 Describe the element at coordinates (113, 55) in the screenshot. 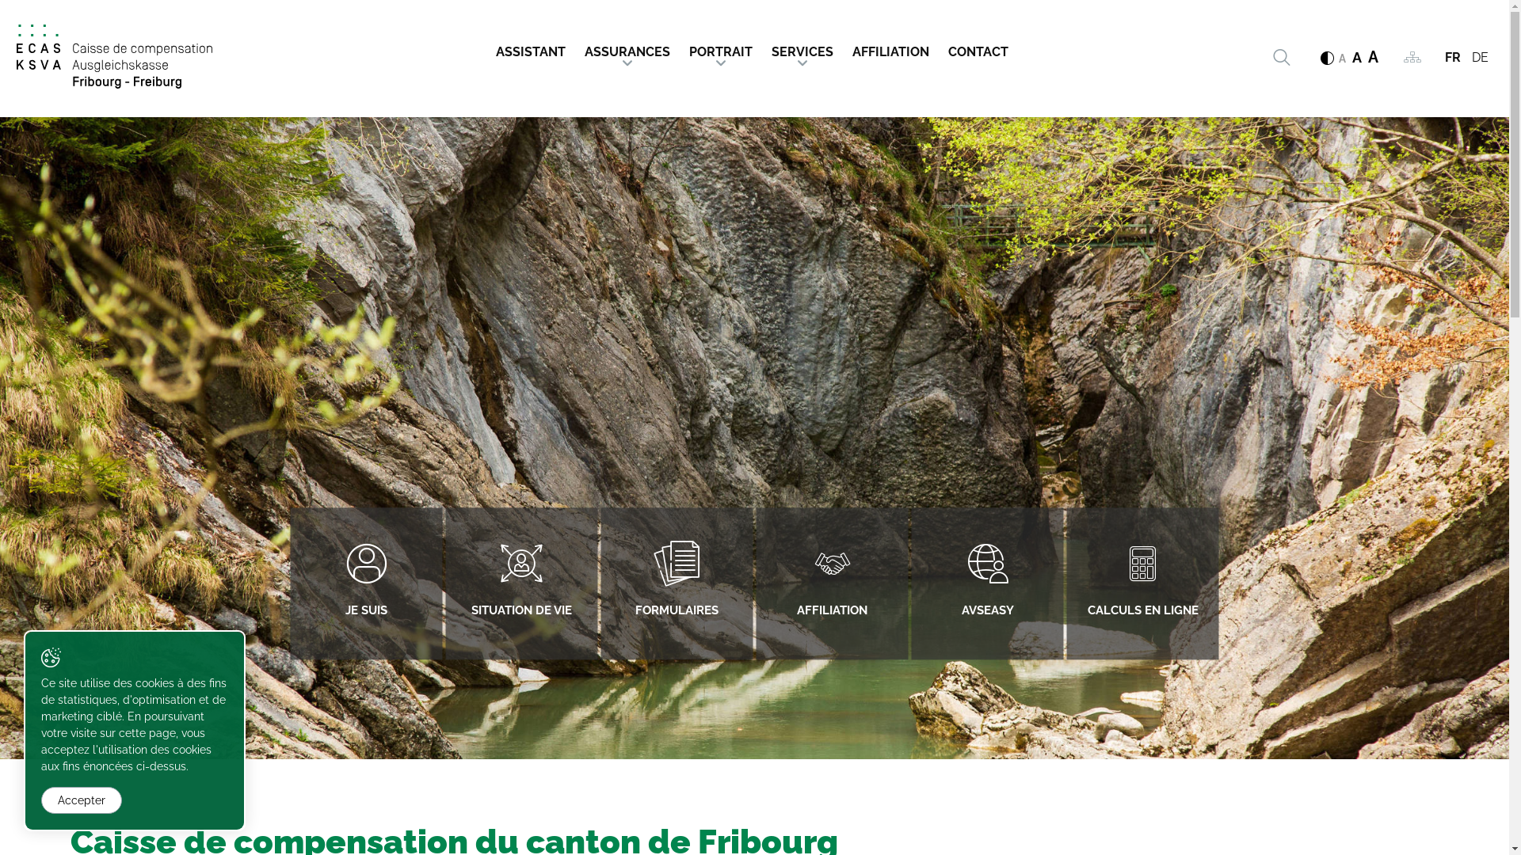

I see `'Caisse de compensation du canton de Fribourg'` at that location.